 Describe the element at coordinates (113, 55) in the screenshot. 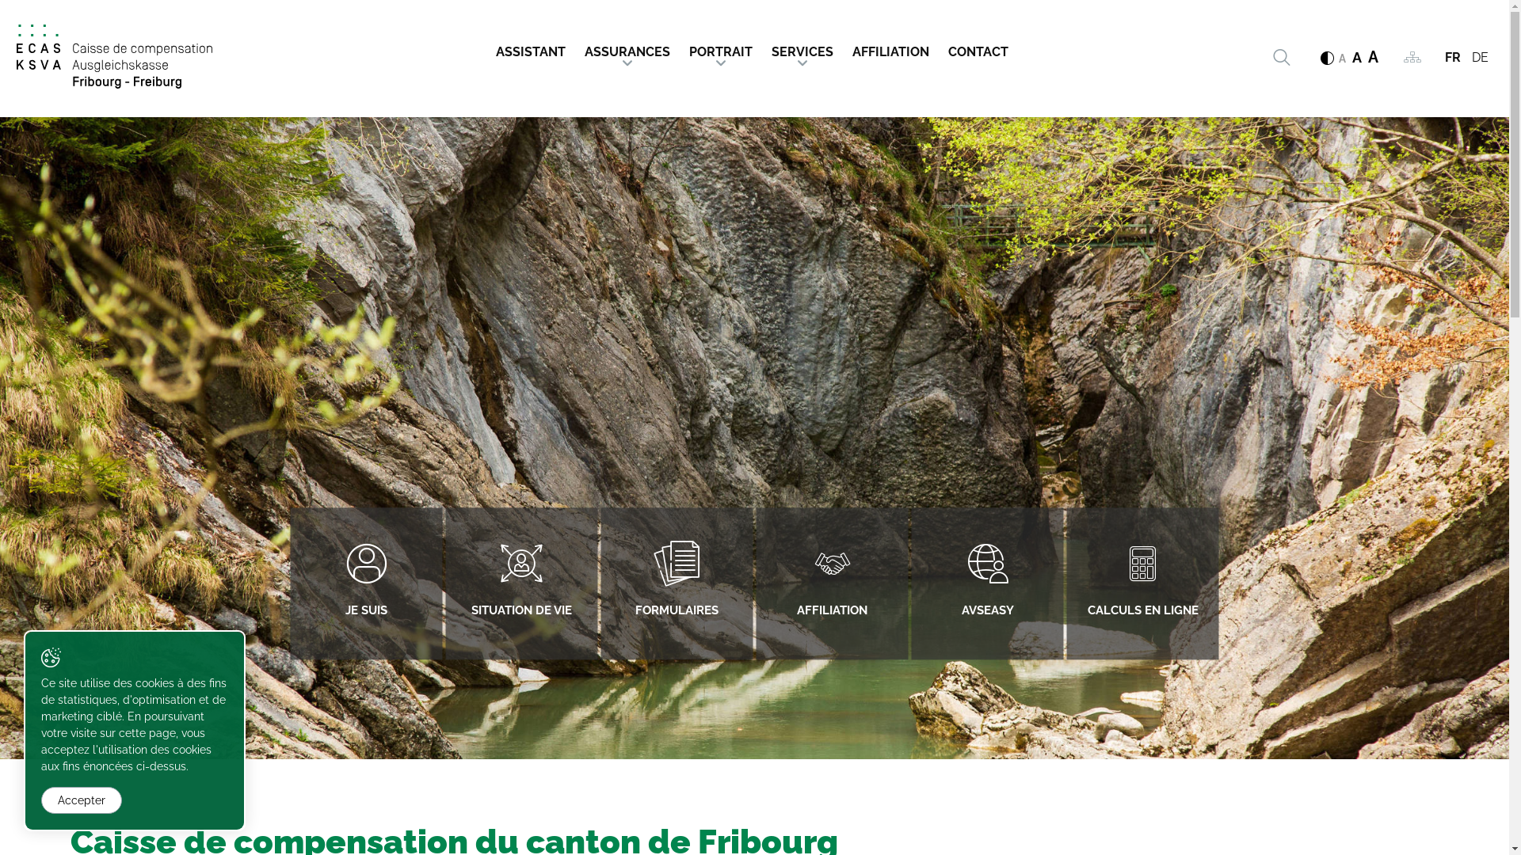

I see `'Caisse de compensation du canton de Fribourg'` at that location.